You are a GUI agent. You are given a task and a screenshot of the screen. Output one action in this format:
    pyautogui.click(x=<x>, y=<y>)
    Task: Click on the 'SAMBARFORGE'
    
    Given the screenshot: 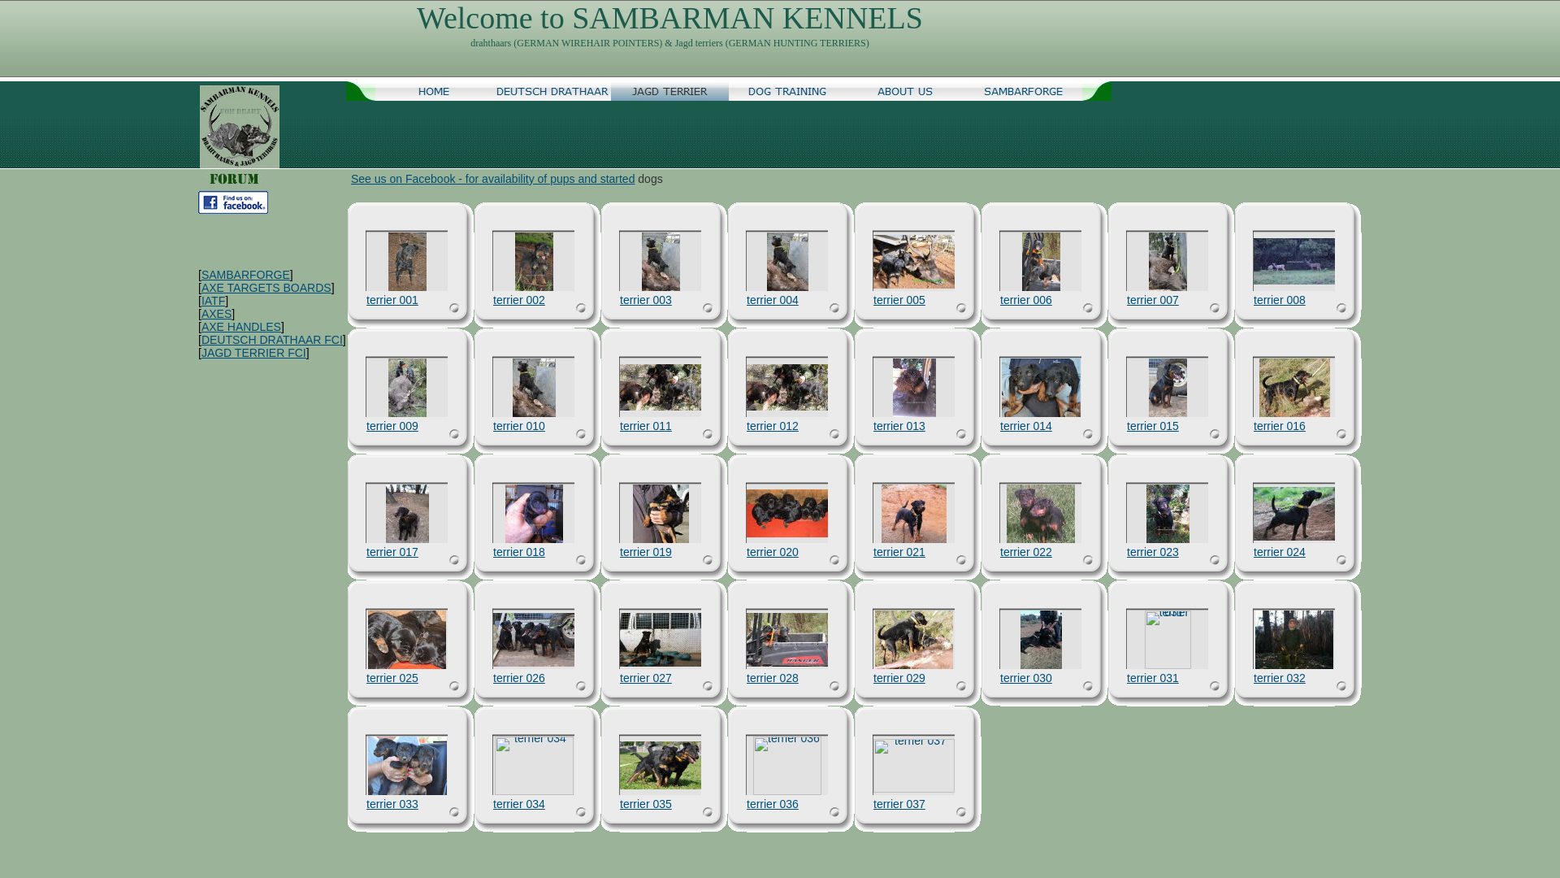 What is the action you would take?
    pyautogui.click(x=1022, y=90)
    